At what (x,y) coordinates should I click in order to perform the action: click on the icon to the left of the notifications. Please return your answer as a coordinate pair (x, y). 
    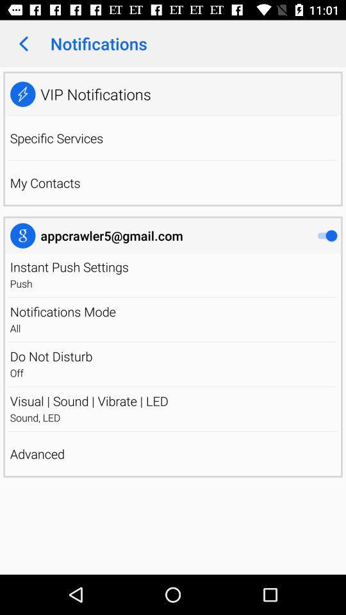
    Looking at the image, I should click on (23, 44).